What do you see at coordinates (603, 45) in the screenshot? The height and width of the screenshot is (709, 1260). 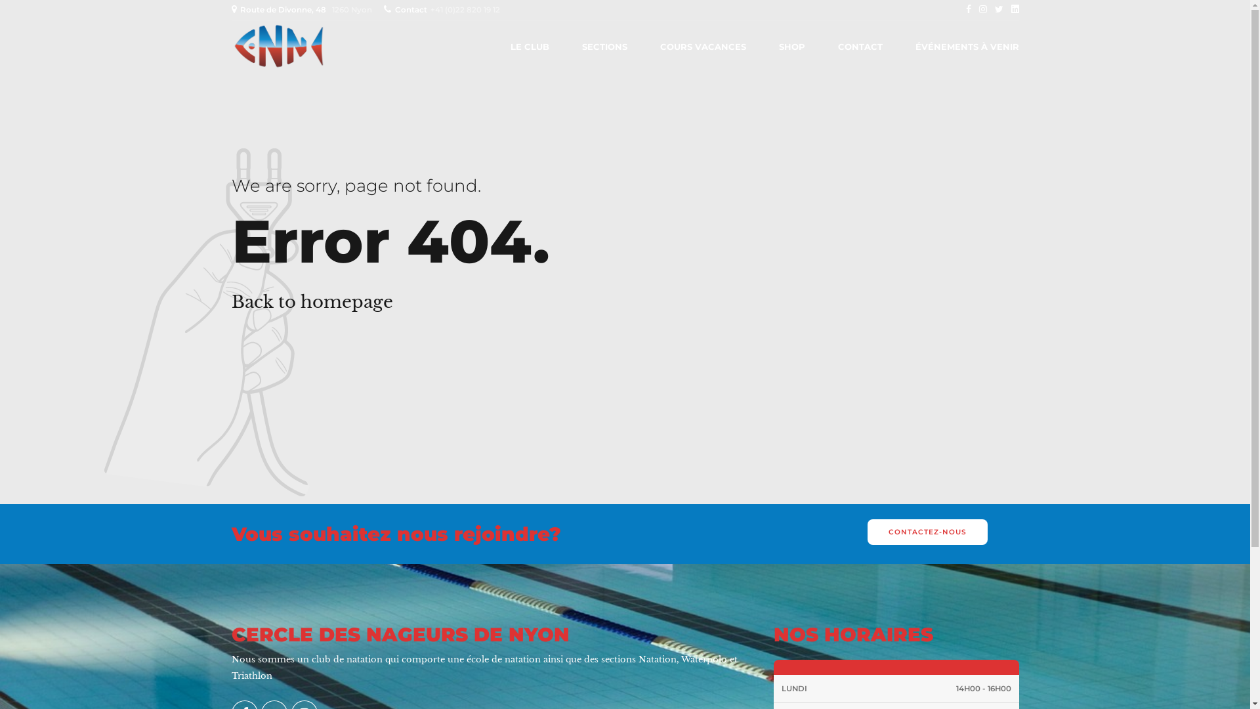 I see `'SECTIONS'` at bounding box center [603, 45].